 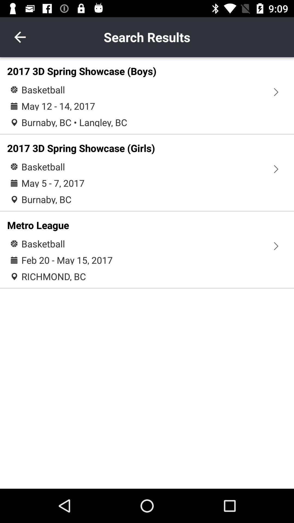 I want to click on item next to the search results icon, so click(x=20, y=37).